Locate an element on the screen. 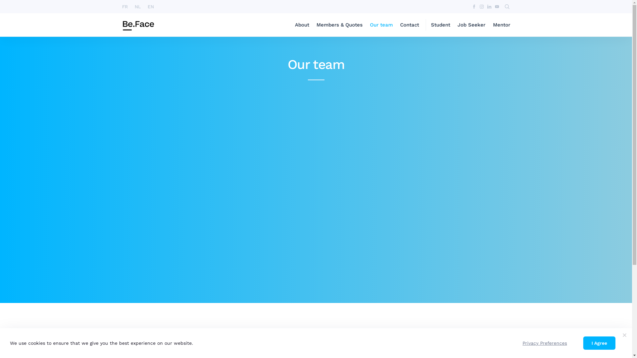 The height and width of the screenshot is (358, 637). 'Contact' is located at coordinates (409, 24).